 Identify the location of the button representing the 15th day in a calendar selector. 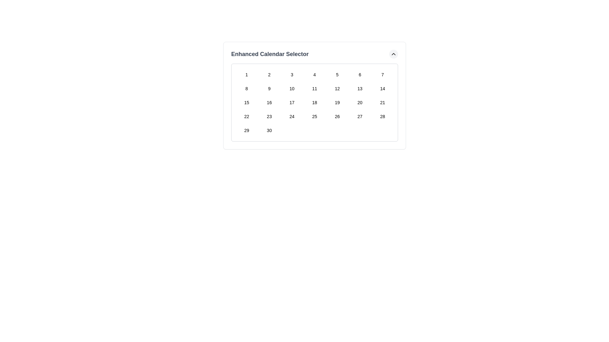
(246, 102).